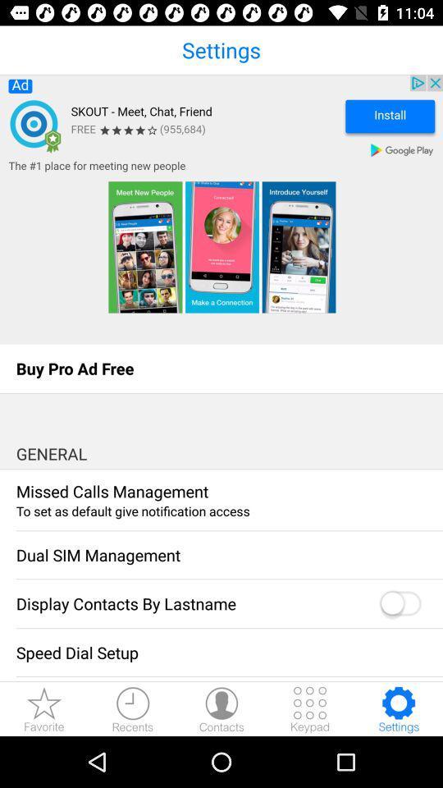  I want to click on the star icon, so click(44, 708).